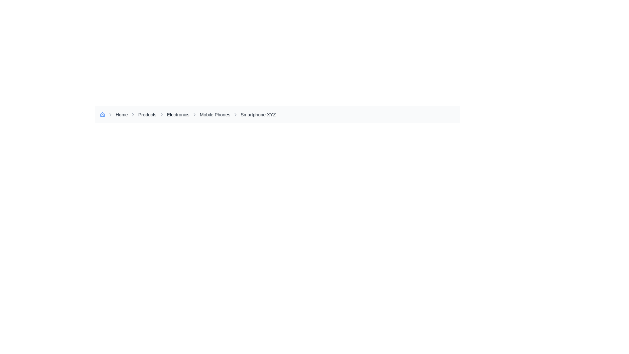 The width and height of the screenshot is (629, 354). I want to click on the 'Products' link in the breadcrumb navigation, so click(143, 114).